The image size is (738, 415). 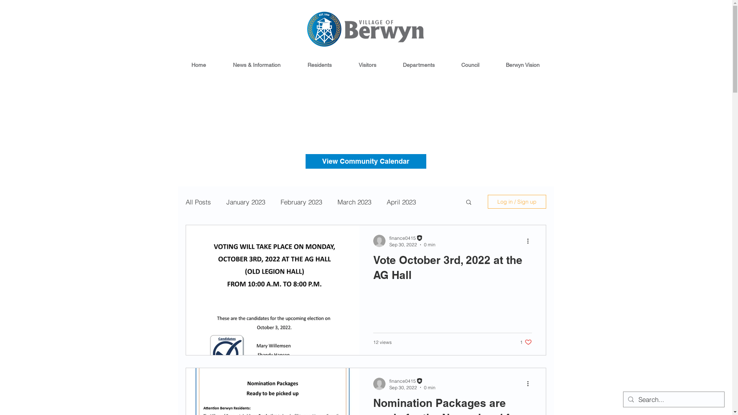 What do you see at coordinates (365, 161) in the screenshot?
I see `'View Community Calendar'` at bounding box center [365, 161].